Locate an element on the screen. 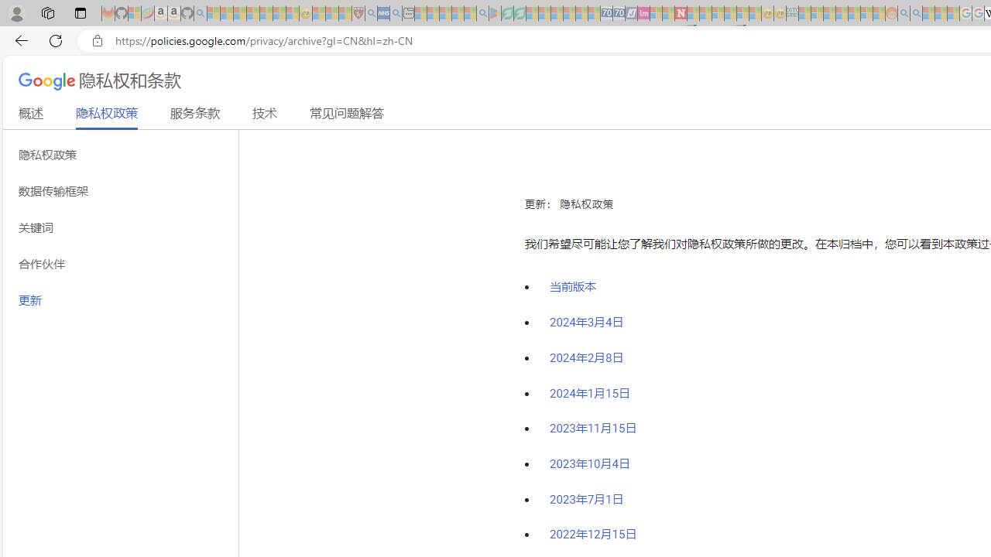  'The Weather Channel - MSN - Sleeping' is located at coordinates (238, 13).